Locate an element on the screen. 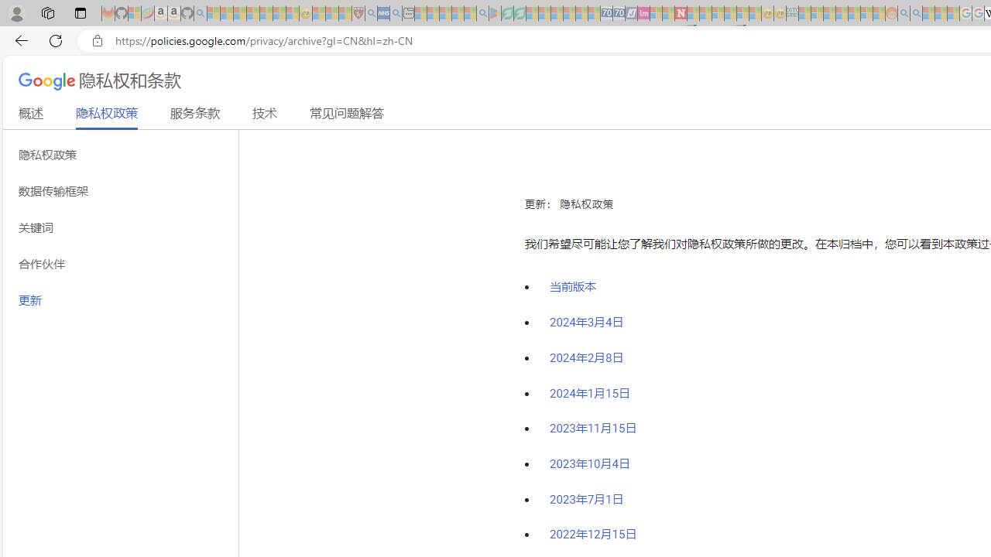  'The Weather Channel - MSN - Sleeping' is located at coordinates (238, 13).